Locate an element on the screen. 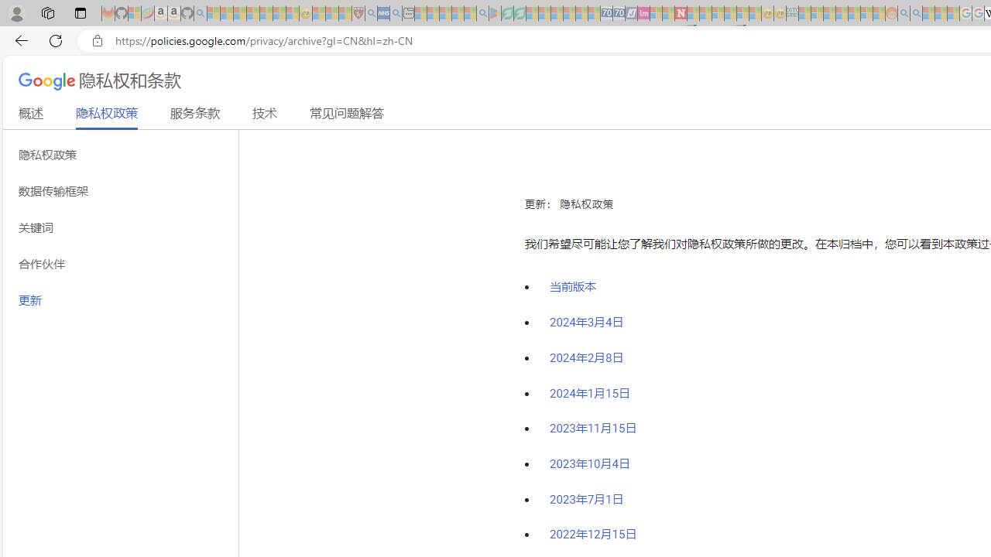  'The Weather Channel - MSN - Sleeping' is located at coordinates (238, 13).